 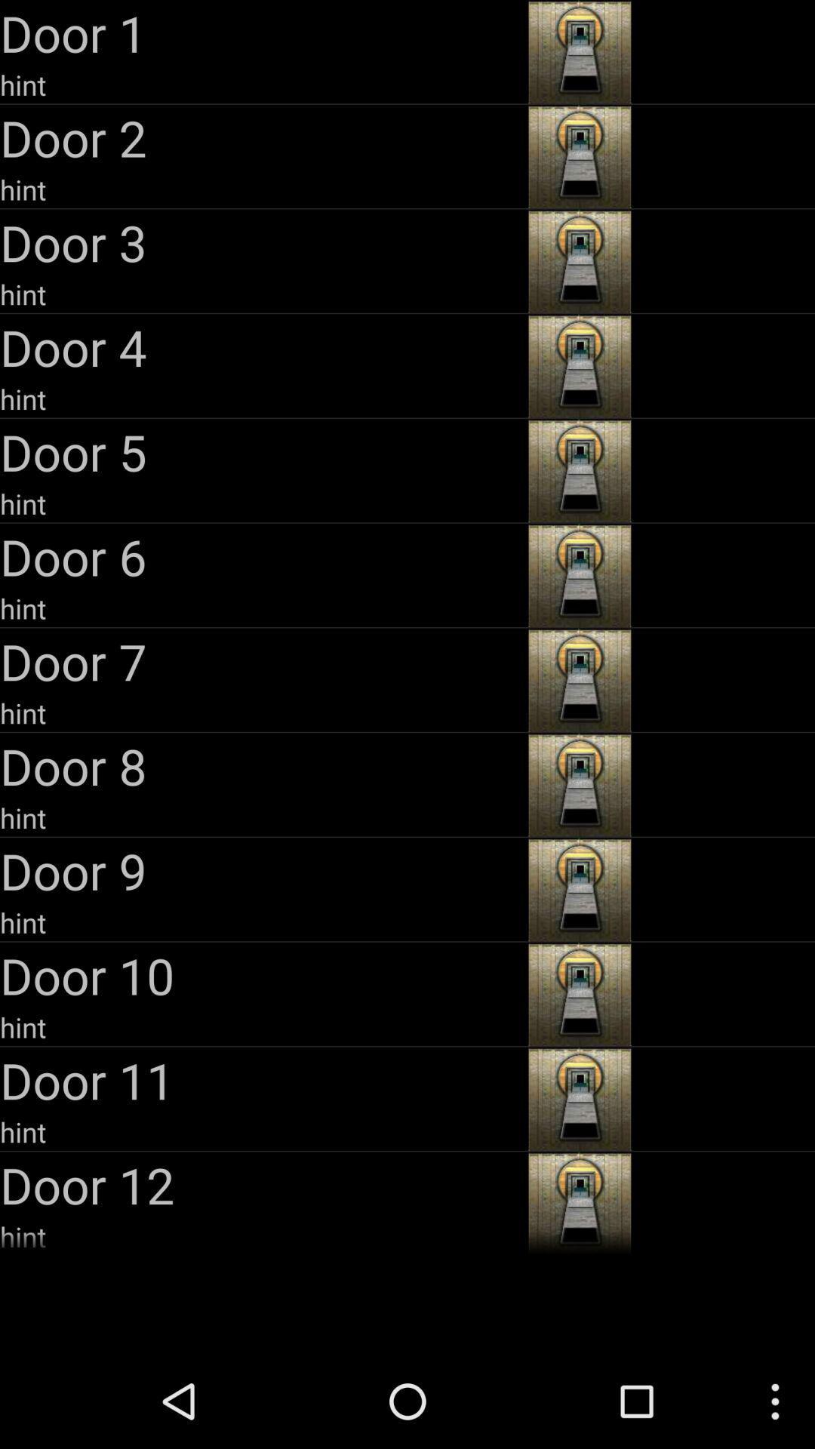 I want to click on the door 8, so click(x=261, y=766).